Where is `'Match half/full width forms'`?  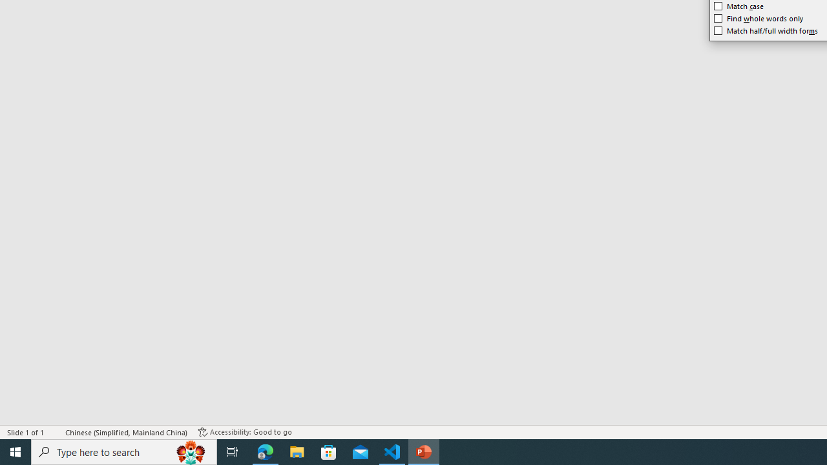
'Match half/full width forms' is located at coordinates (766, 30).